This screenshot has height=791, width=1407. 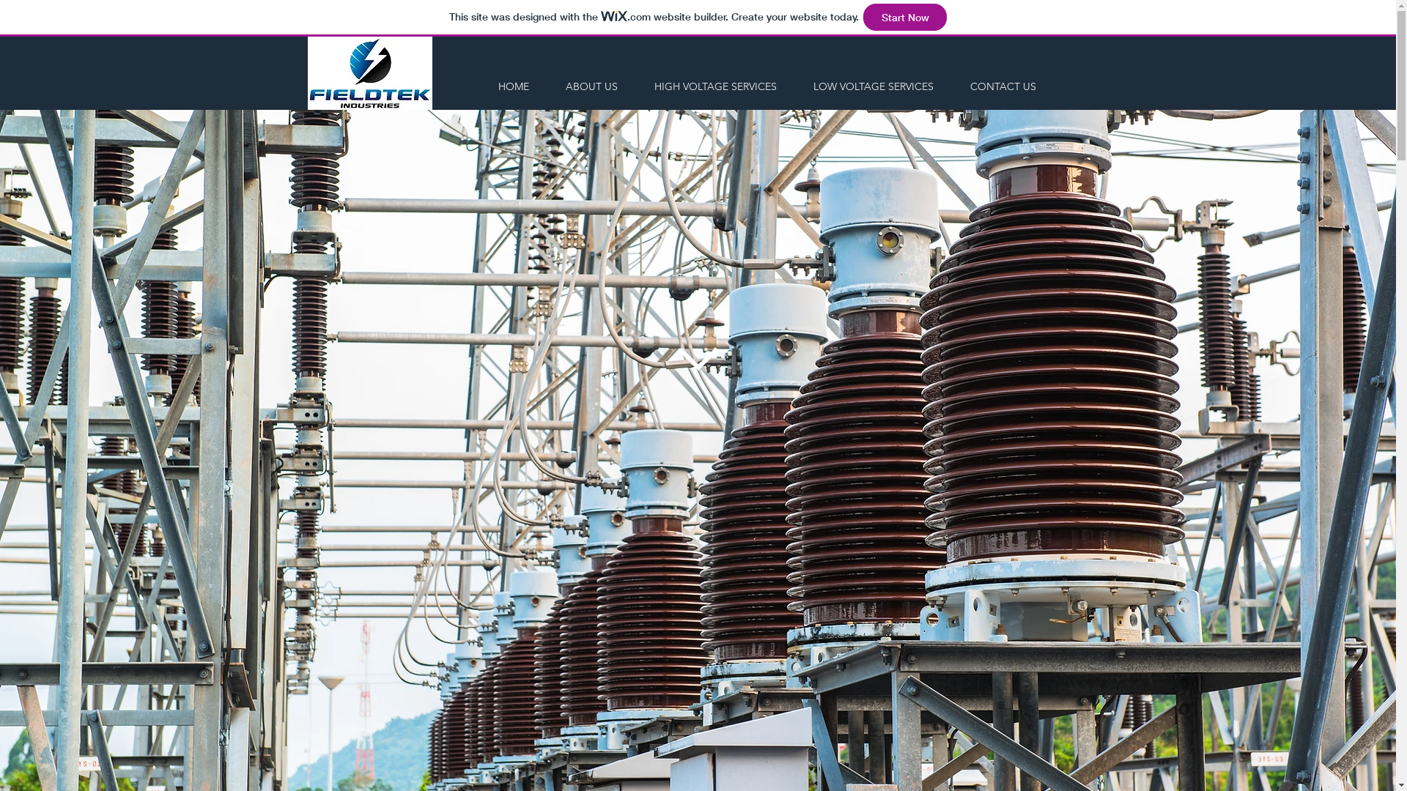 I want to click on 'HOME', so click(x=513, y=86).